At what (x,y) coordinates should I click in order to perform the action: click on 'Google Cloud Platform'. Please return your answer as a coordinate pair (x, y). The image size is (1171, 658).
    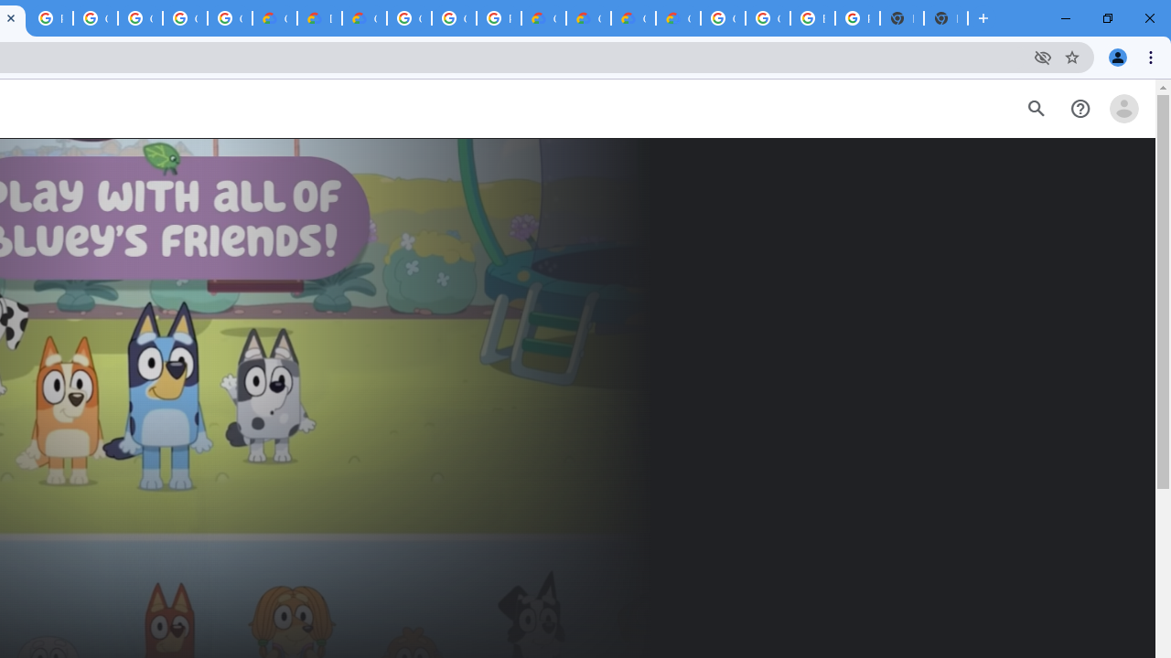
    Looking at the image, I should click on (408, 18).